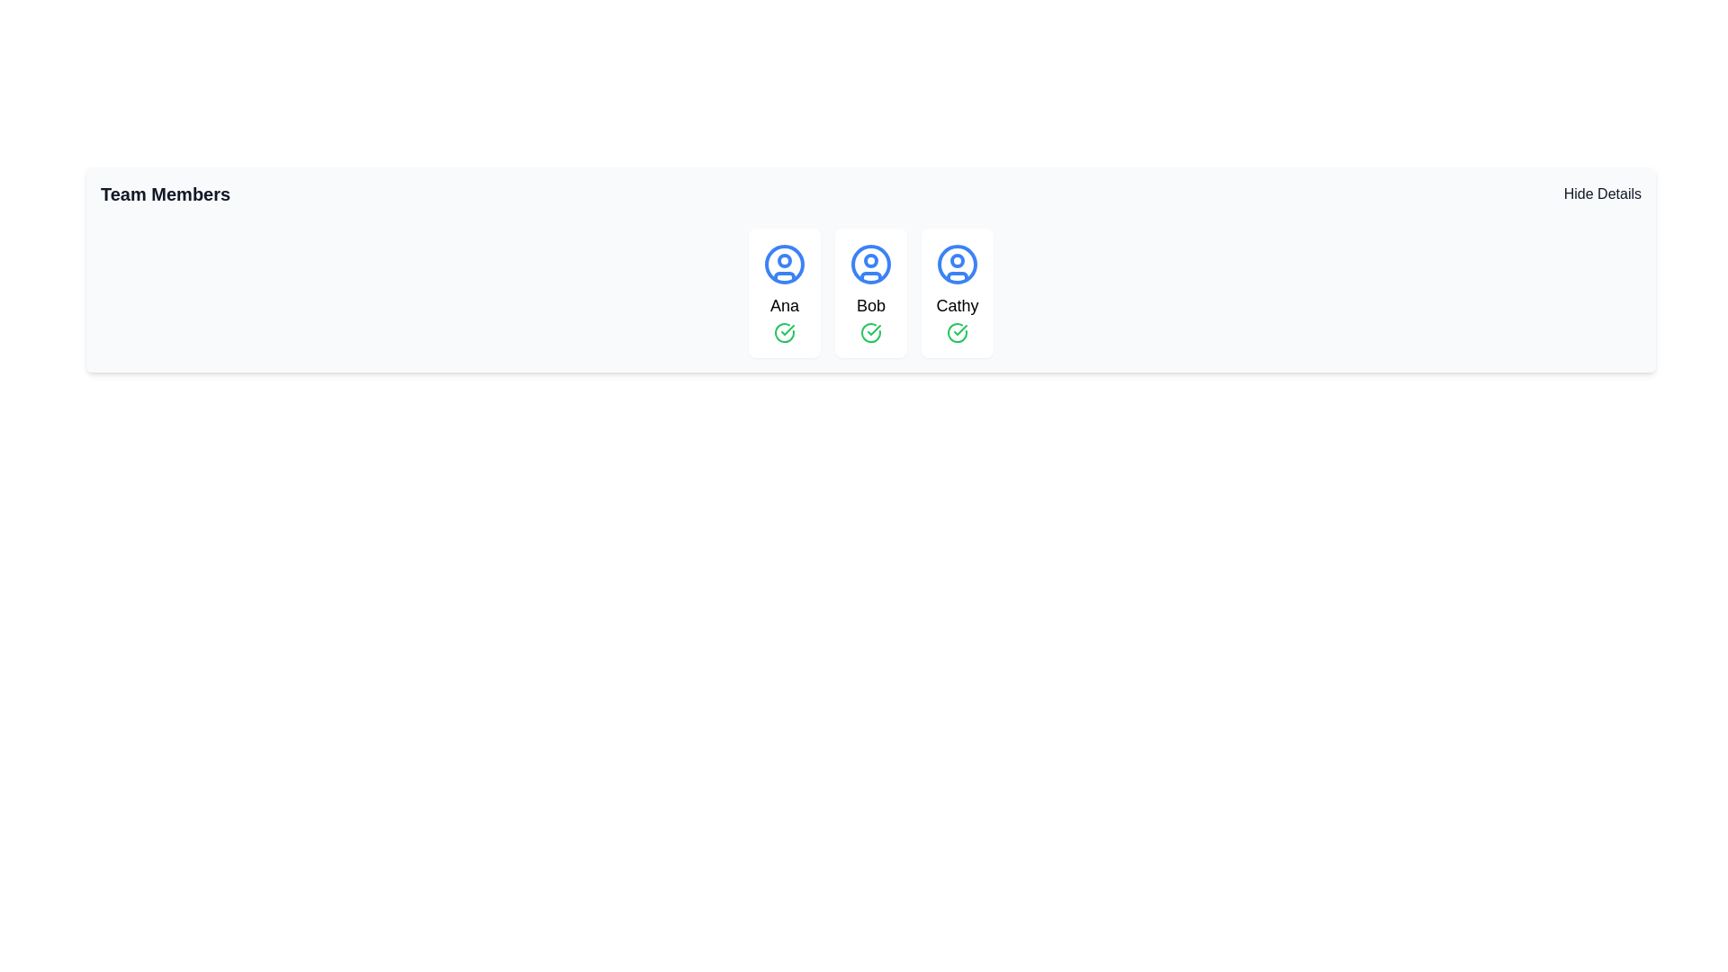 This screenshot has width=1728, height=972. Describe the element at coordinates (785, 292) in the screenshot. I see `the card element featuring a blue user icon and the name 'Ana' with a green checkmark at the bottom` at that location.